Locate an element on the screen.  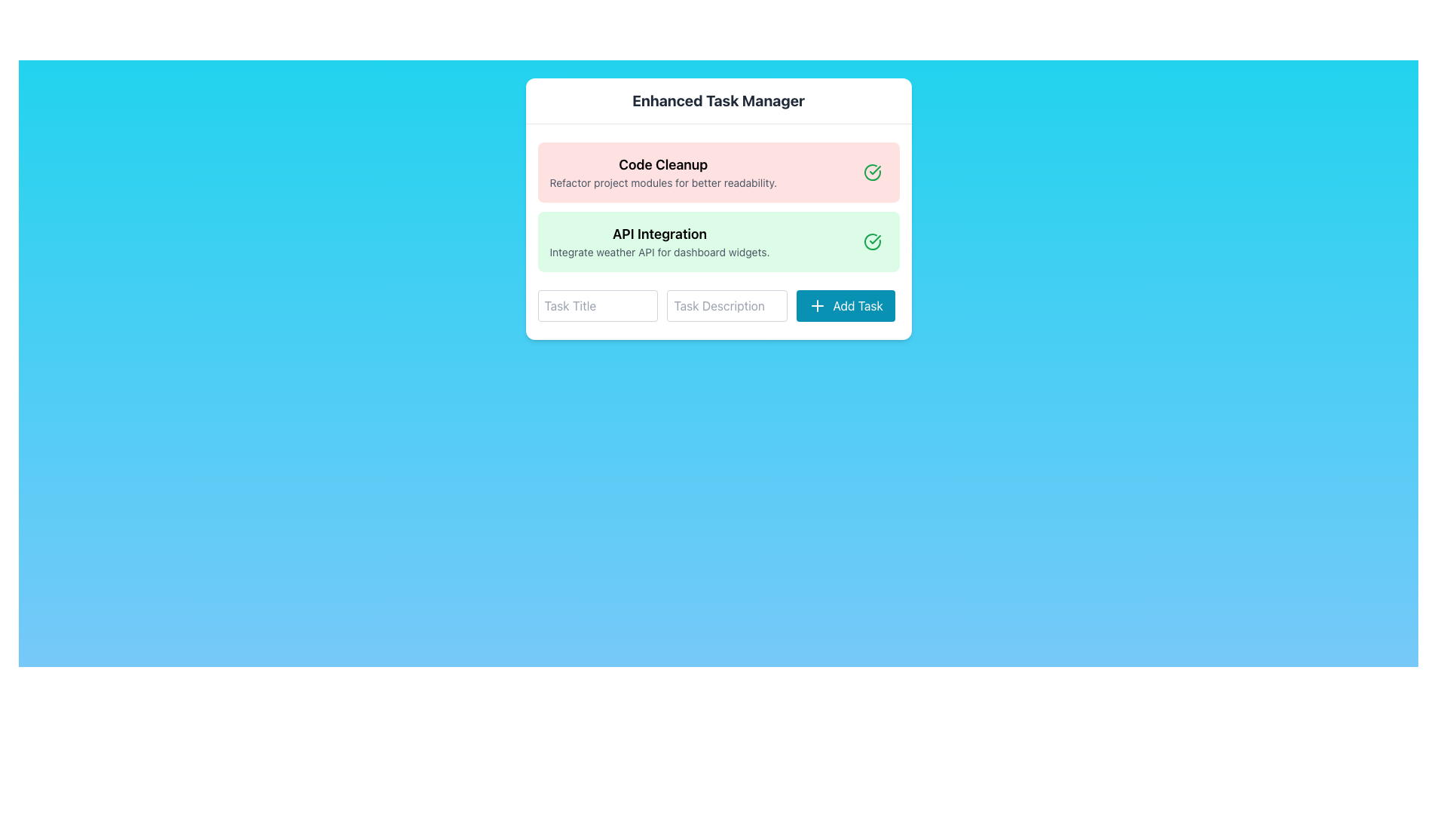
the icon button that marks completion for the 'API Integration' task is located at coordinates (872, 240).